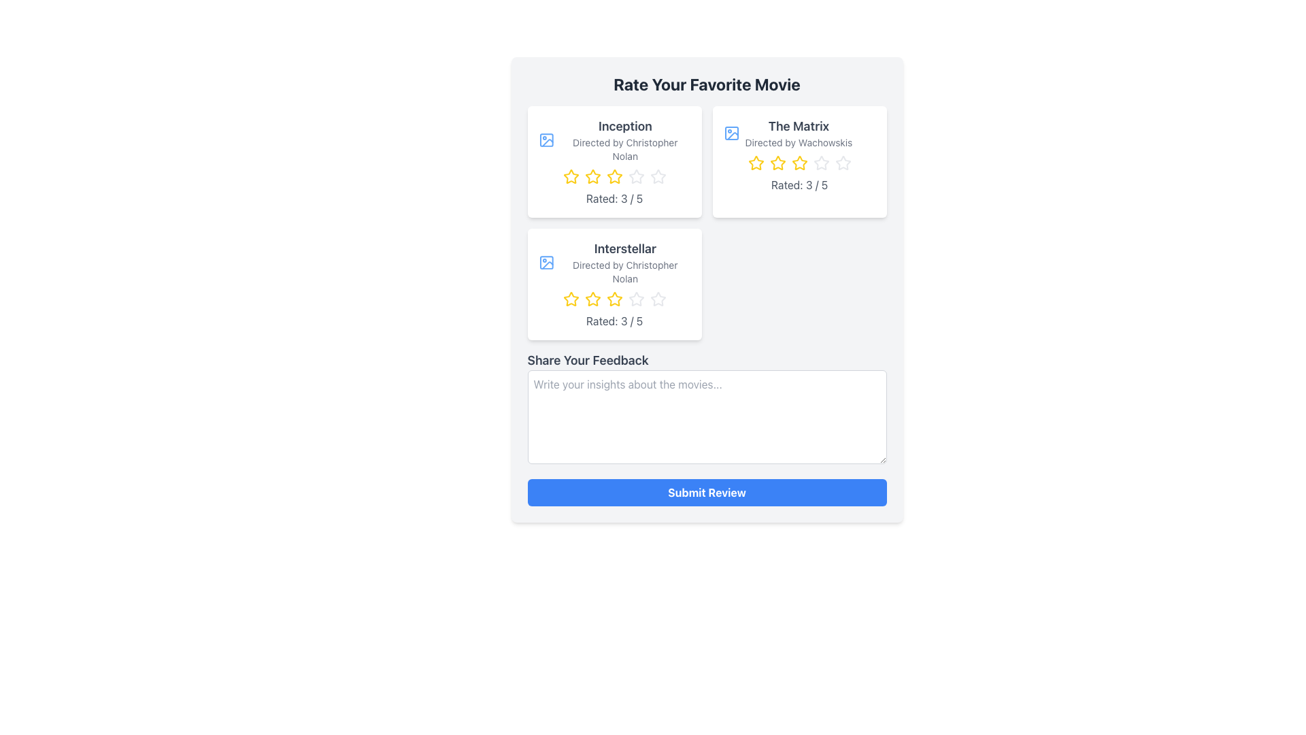 Image resolution: width=1306 pixels, height=735 pixels. I want to click on nearby elements related to the movie title 'Interstellar' displayed in the Text Display, which shows the director Christopher Nolan's name, so click(624, 262).